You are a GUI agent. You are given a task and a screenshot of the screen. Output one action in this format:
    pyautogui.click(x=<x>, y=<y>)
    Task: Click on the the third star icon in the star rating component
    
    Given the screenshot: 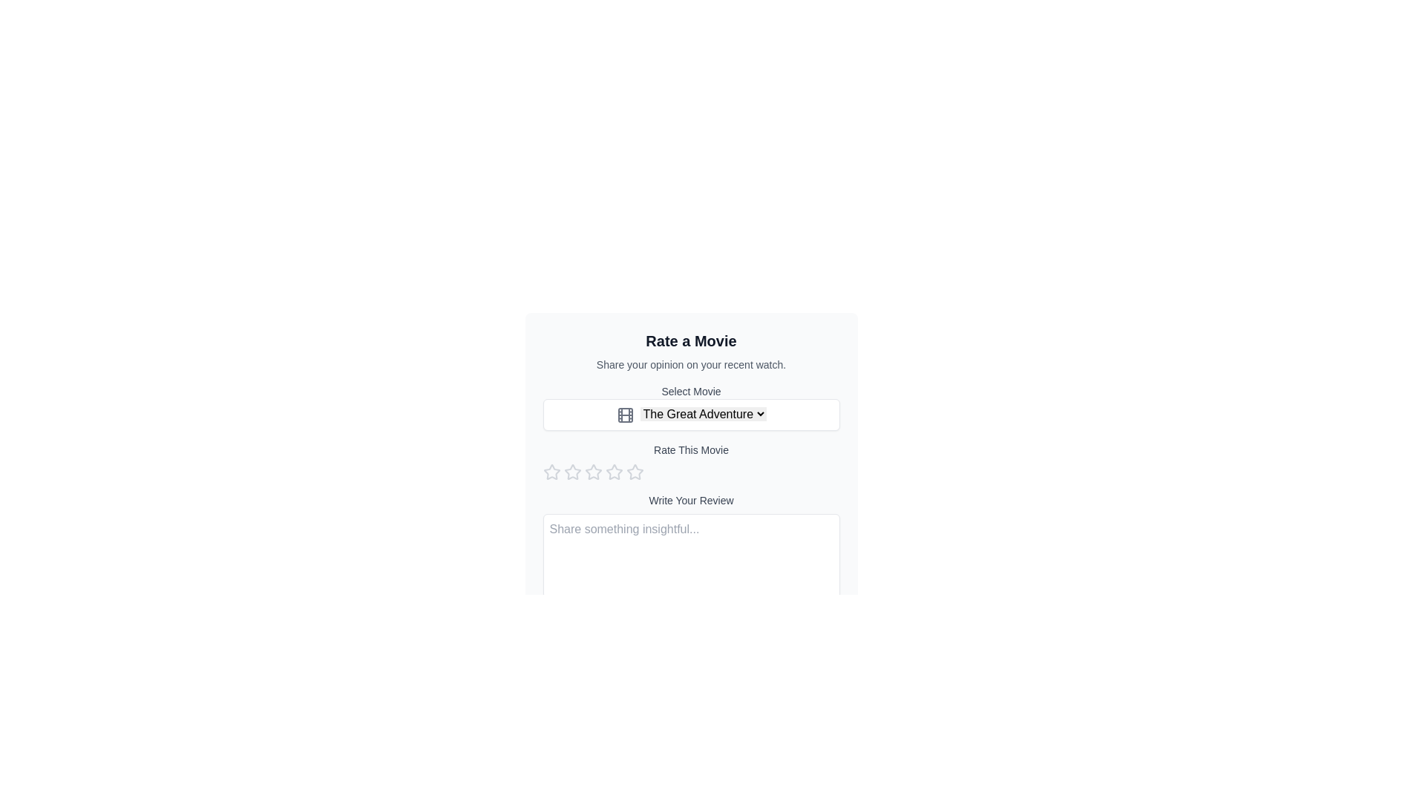 What is the action you would take?
    pyautogui.click(x=592, y=472)
    